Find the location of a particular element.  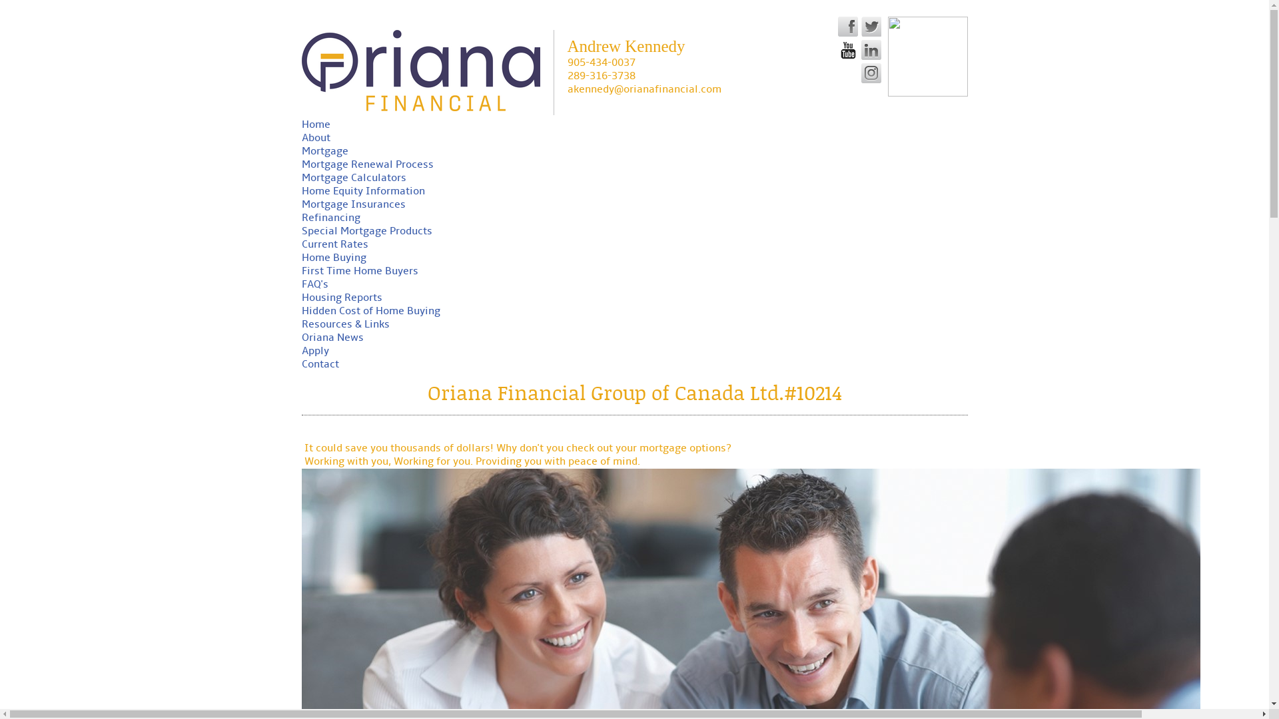

'Apply' is located at coordinates (314, 351).